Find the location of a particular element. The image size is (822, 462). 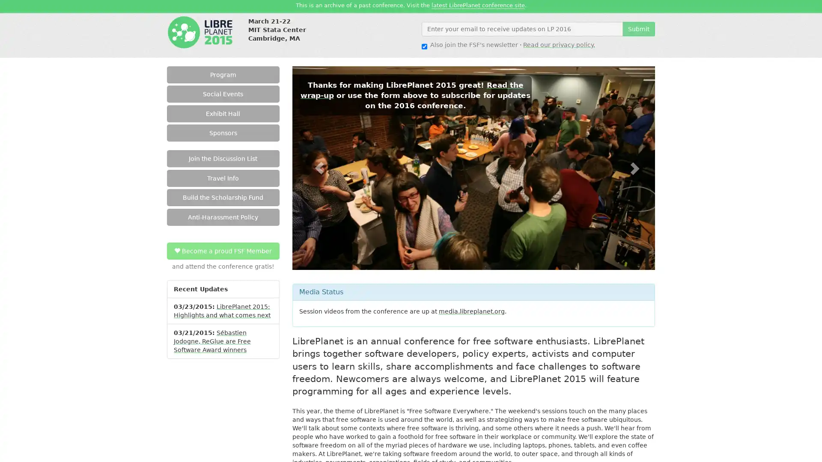

Submit is located at coordinates (639, 28).